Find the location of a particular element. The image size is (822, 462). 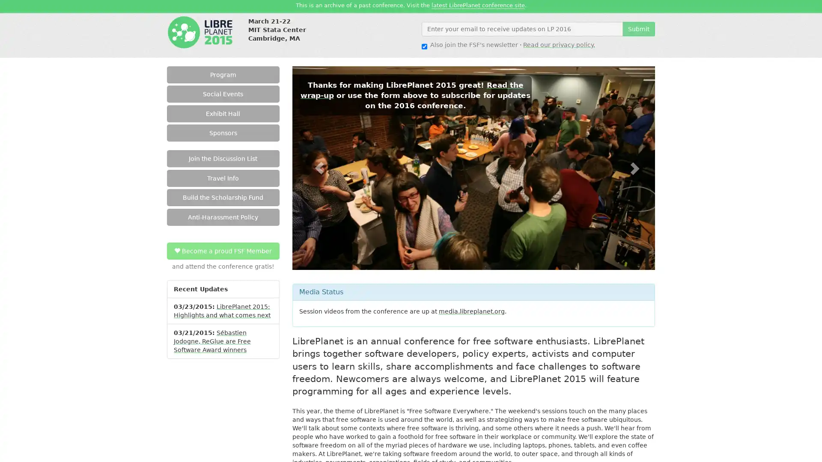

Submit is located at coordinates (639, 28).